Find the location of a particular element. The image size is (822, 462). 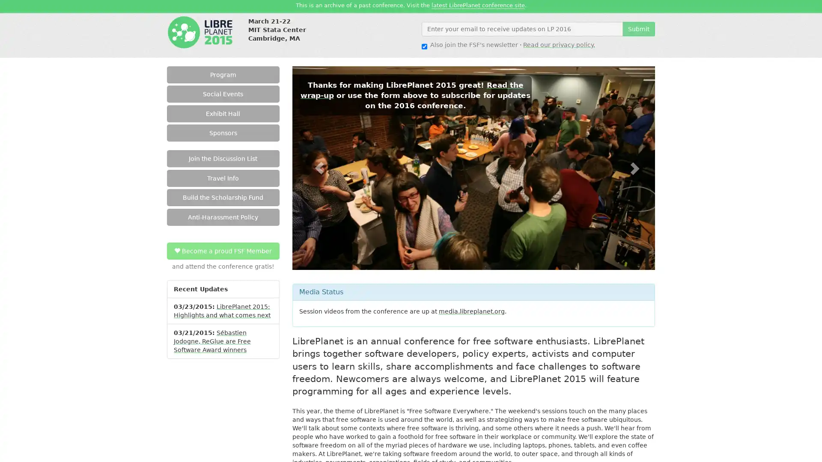

Submit is located at coordinates (639, 28).